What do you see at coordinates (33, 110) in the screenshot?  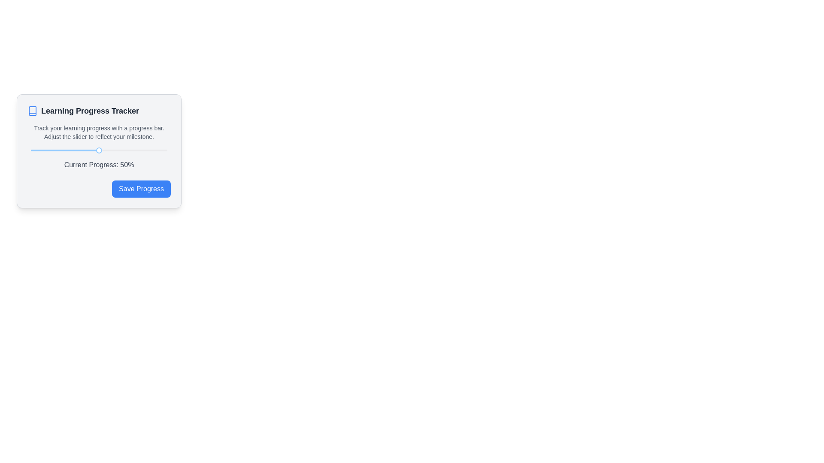 I see `the decorative book icon in the top-left corner of the Learning Progress Tracker widget` at bounding box center [33, 110].